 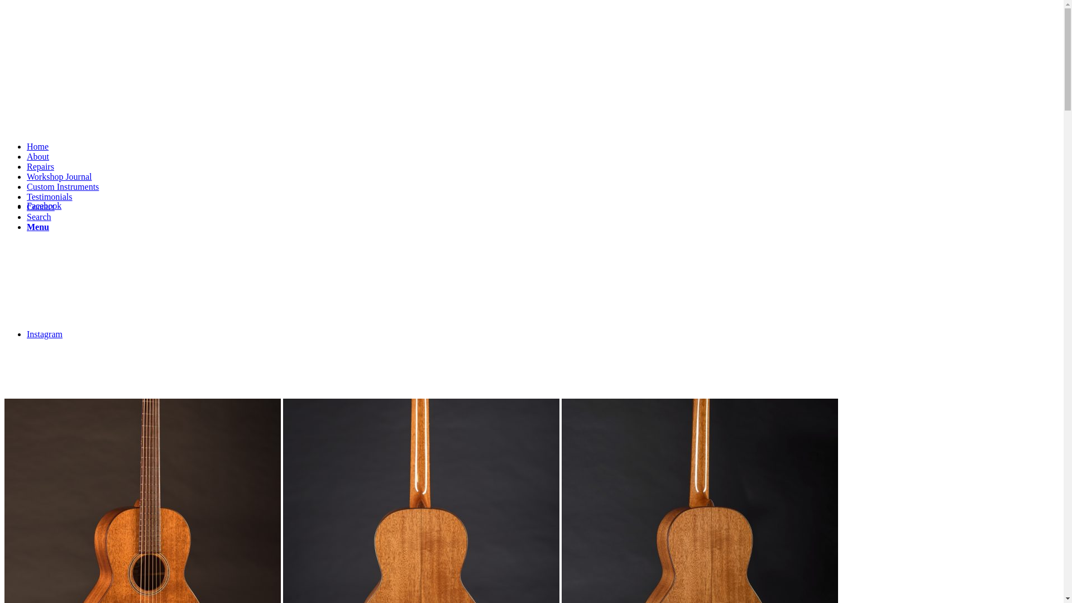 What do you see at coordinates (45, 333) in the screenshot?
I see `'Instagram'` at bounding box center [45, 333].